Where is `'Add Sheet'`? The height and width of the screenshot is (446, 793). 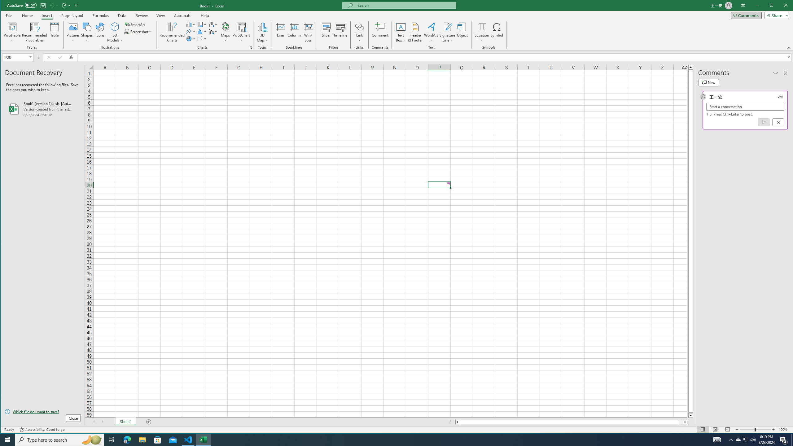 'Add Sheet' is located at coordinates (149, 422).